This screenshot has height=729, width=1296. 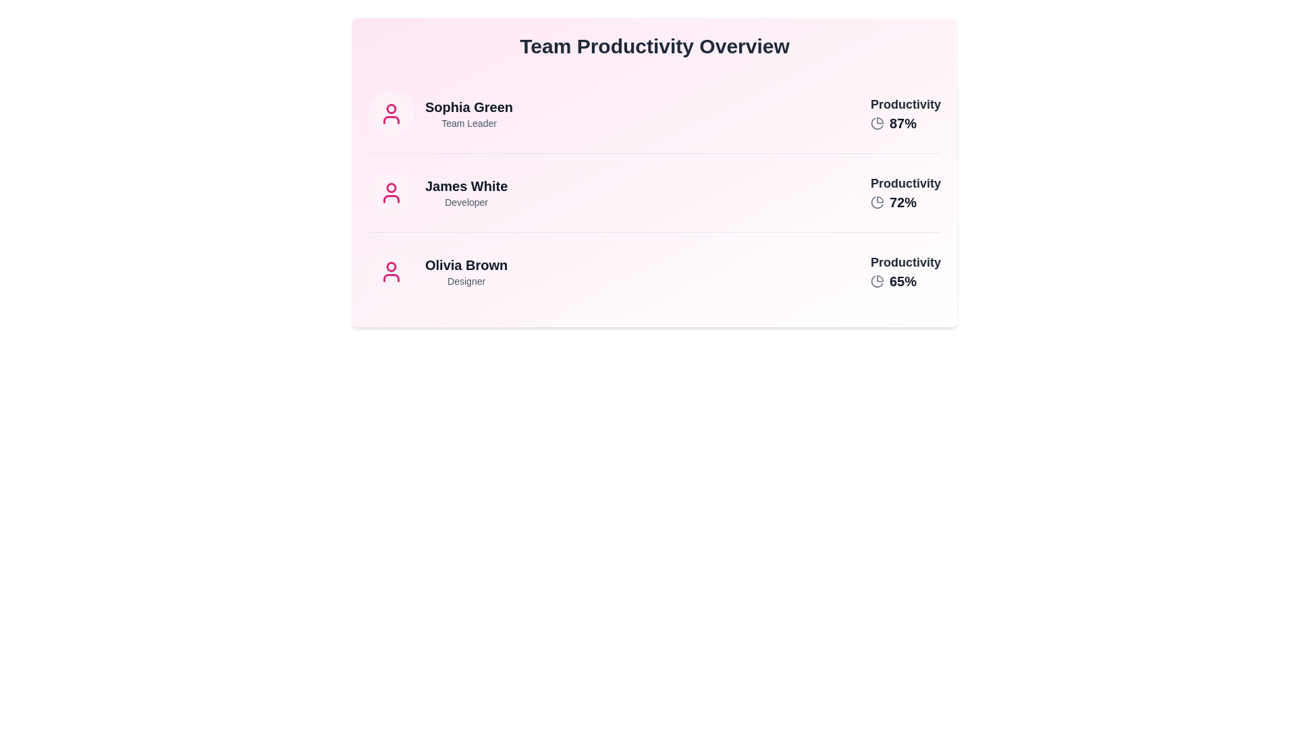 I want to click on the productivity icon represented as a pie chart, located to the left of the '72%' text in the 'James White' productivity row, so click(x=878, y=202).